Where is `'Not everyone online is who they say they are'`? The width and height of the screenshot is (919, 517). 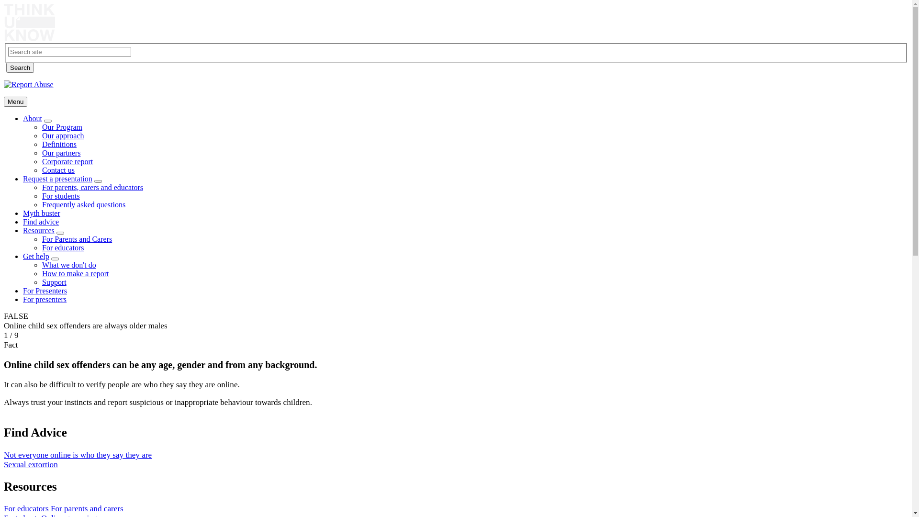 'Not everyone online is who they say they are' is located at coordinates (78, 454).